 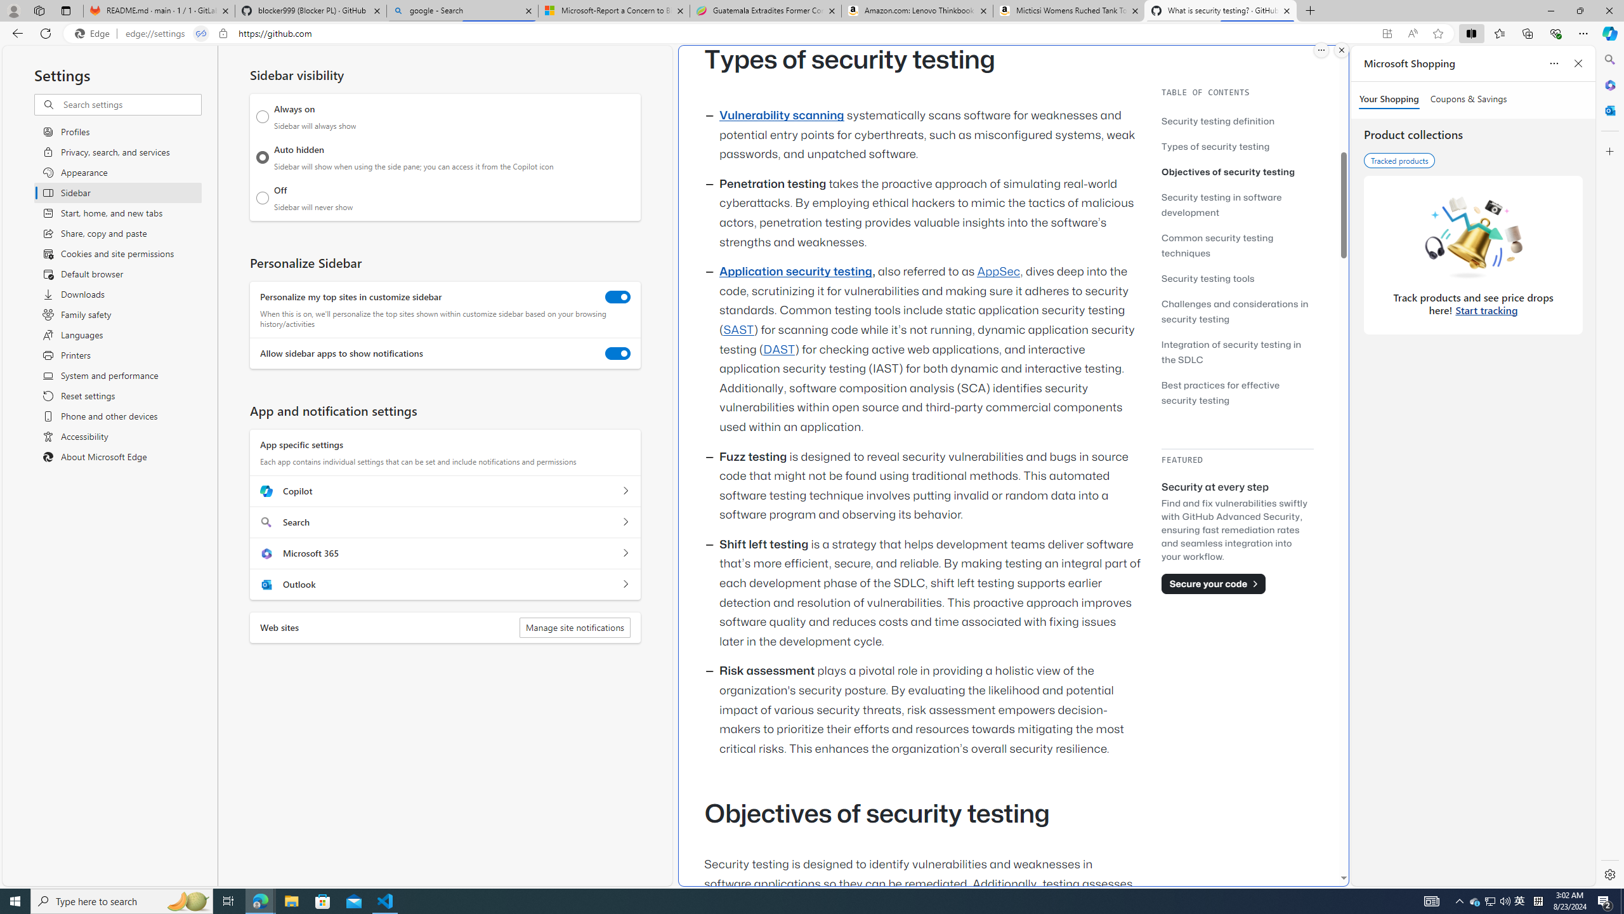 What do you see at coordinates (262, 197) in the screenshot?
I see `'Off Sidebar will never show'` at bounding box center [262, 197].